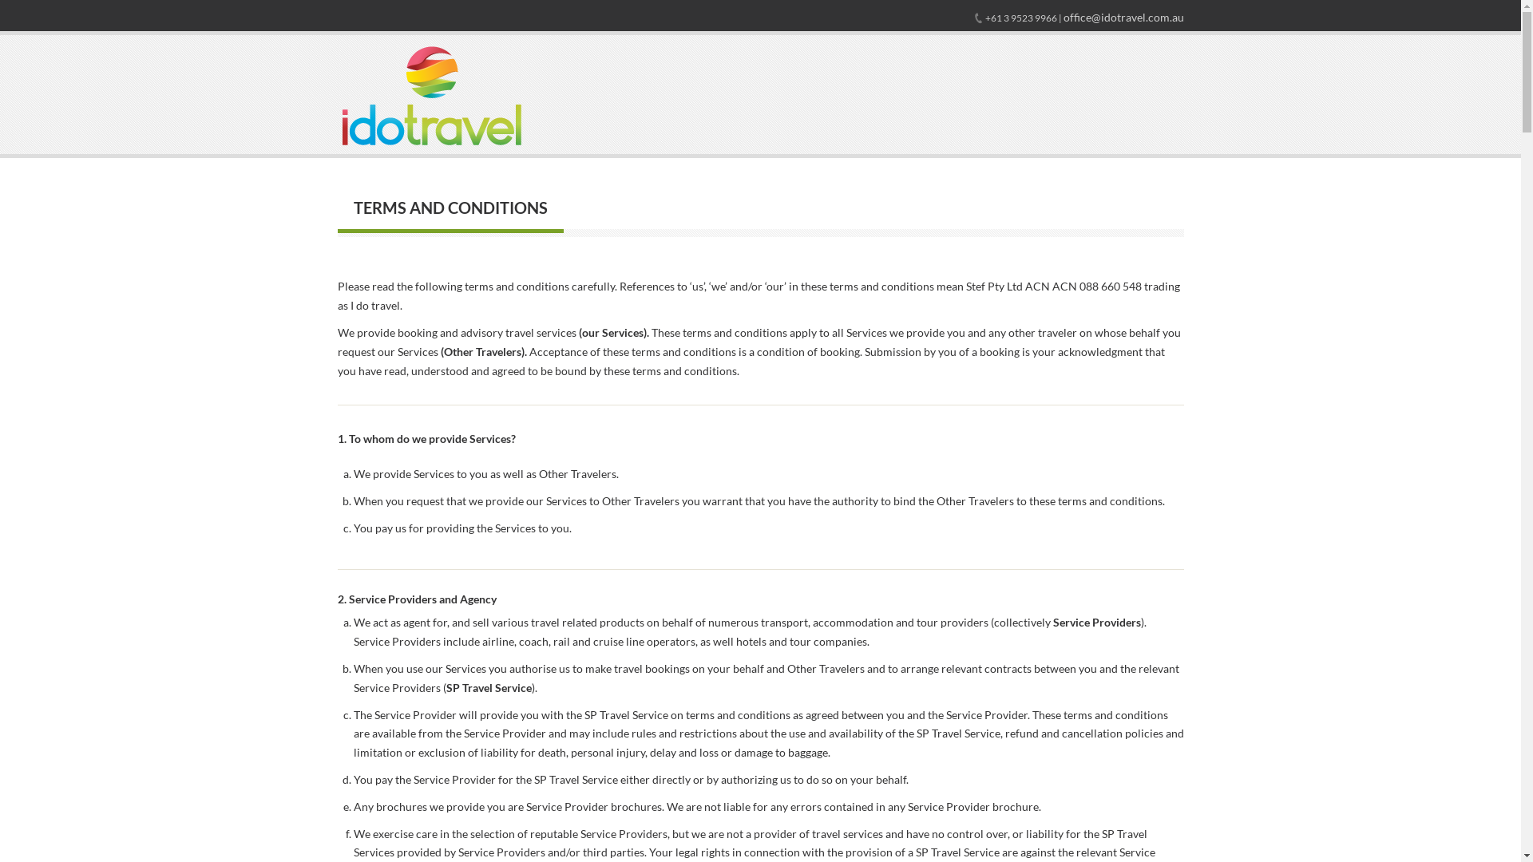  What do you see at coordinates (1063, 17) in the screenshot?
I see `'office@idotravel.com.au'` at bounding box center [1063, 17].